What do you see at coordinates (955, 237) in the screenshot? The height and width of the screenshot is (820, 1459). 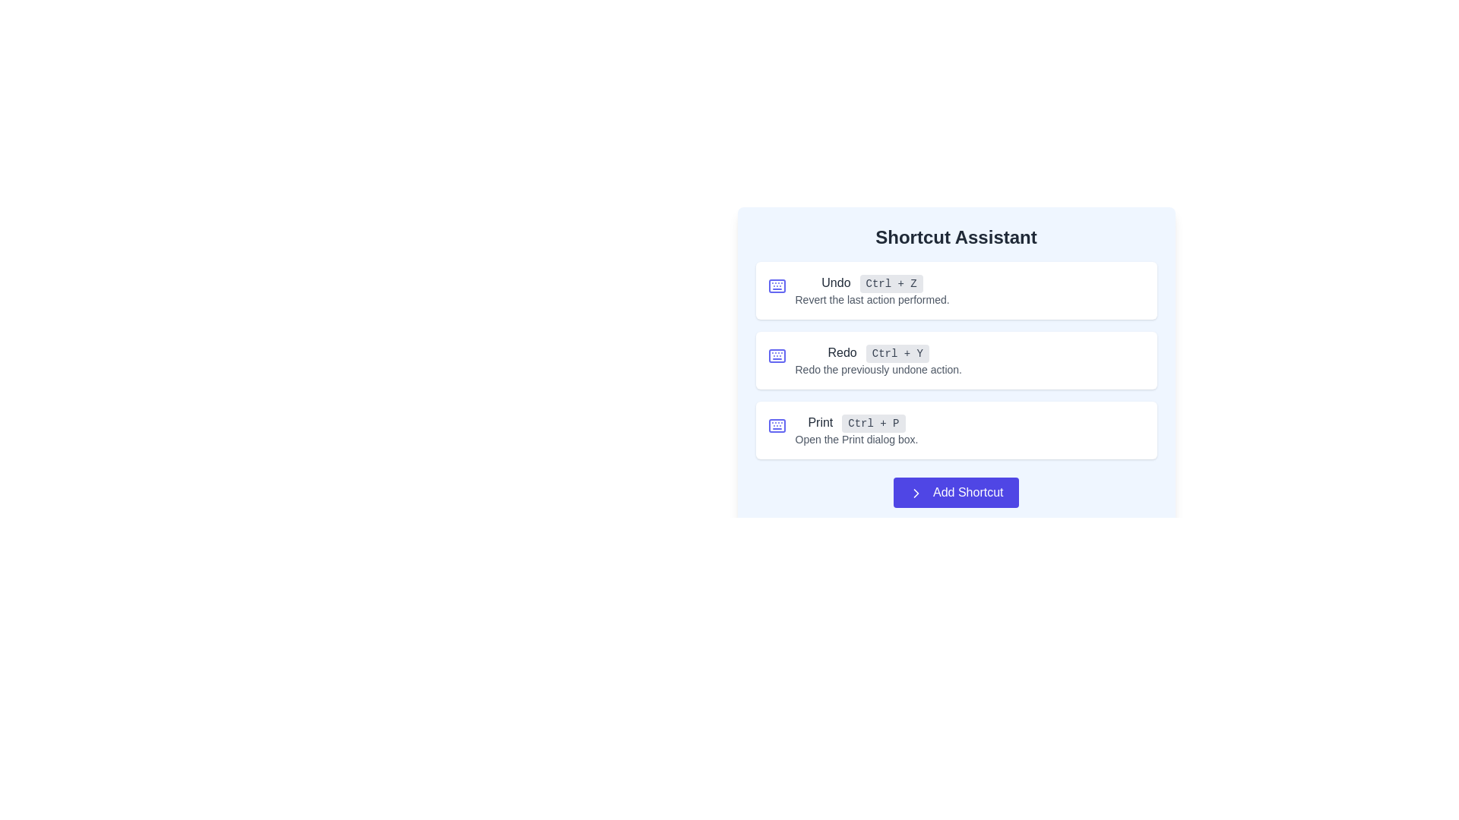 I see `the header text element that introduces the 'Shortcut Assistant' feature, located at the top of a blue, rounded card-like panel` at bounding box center [955, 237].